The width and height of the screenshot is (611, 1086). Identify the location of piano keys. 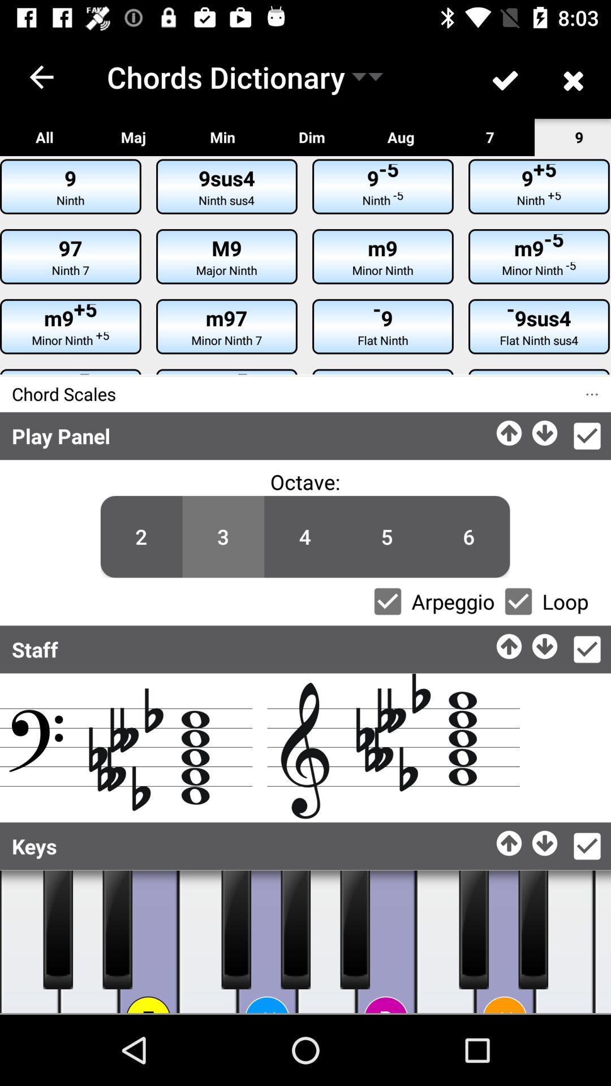
(474, 929).